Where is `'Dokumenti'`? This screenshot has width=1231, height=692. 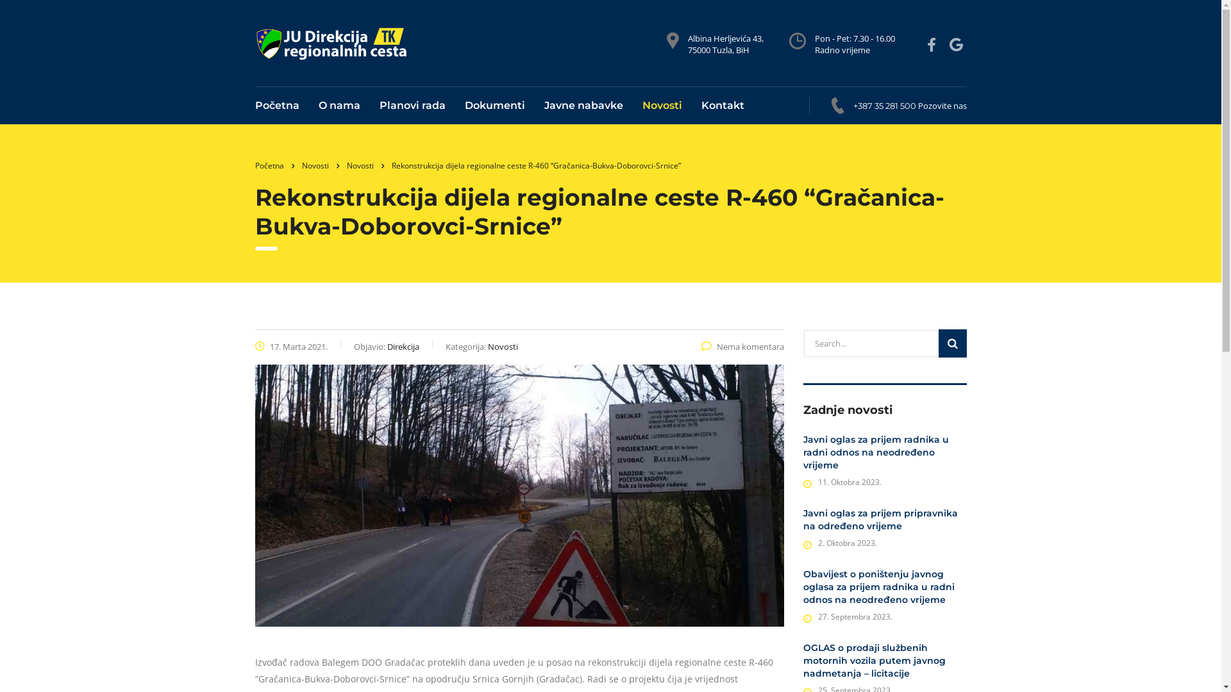
'Dokumenti' is located at coordinates (494, 105).